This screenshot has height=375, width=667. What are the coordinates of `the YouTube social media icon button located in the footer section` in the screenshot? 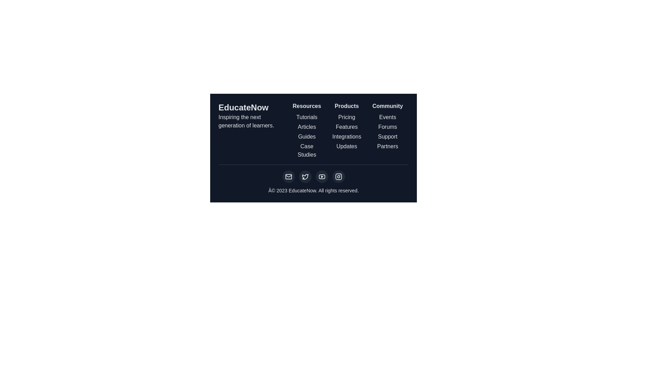 It's located at (321, 176).